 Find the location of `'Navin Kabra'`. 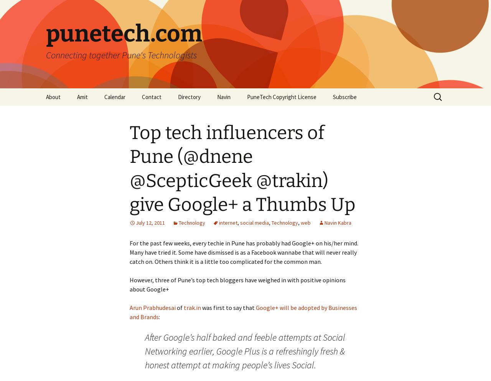

'Navin Kabra' is located at coordinates (324, 222).